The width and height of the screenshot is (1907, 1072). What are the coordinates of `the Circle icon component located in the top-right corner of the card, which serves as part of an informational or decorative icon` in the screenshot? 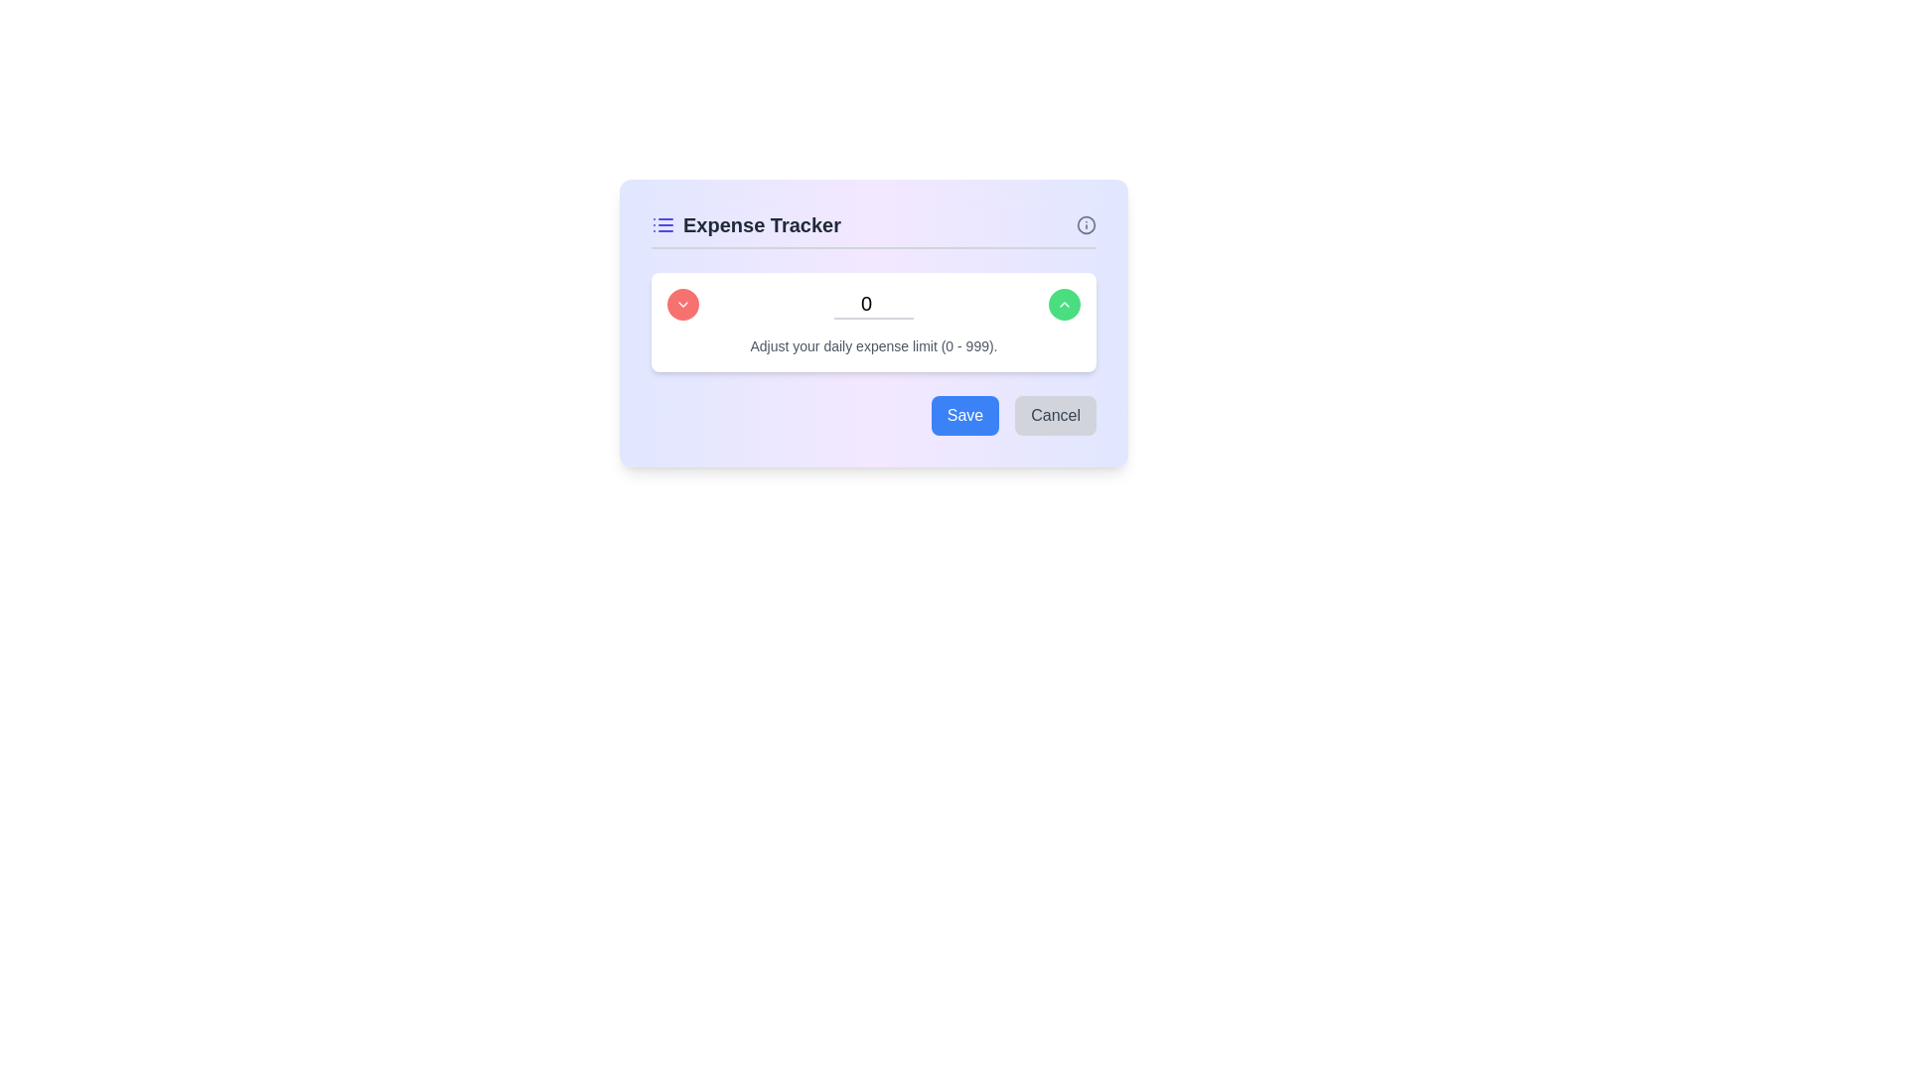 It's located at (1086, 224).